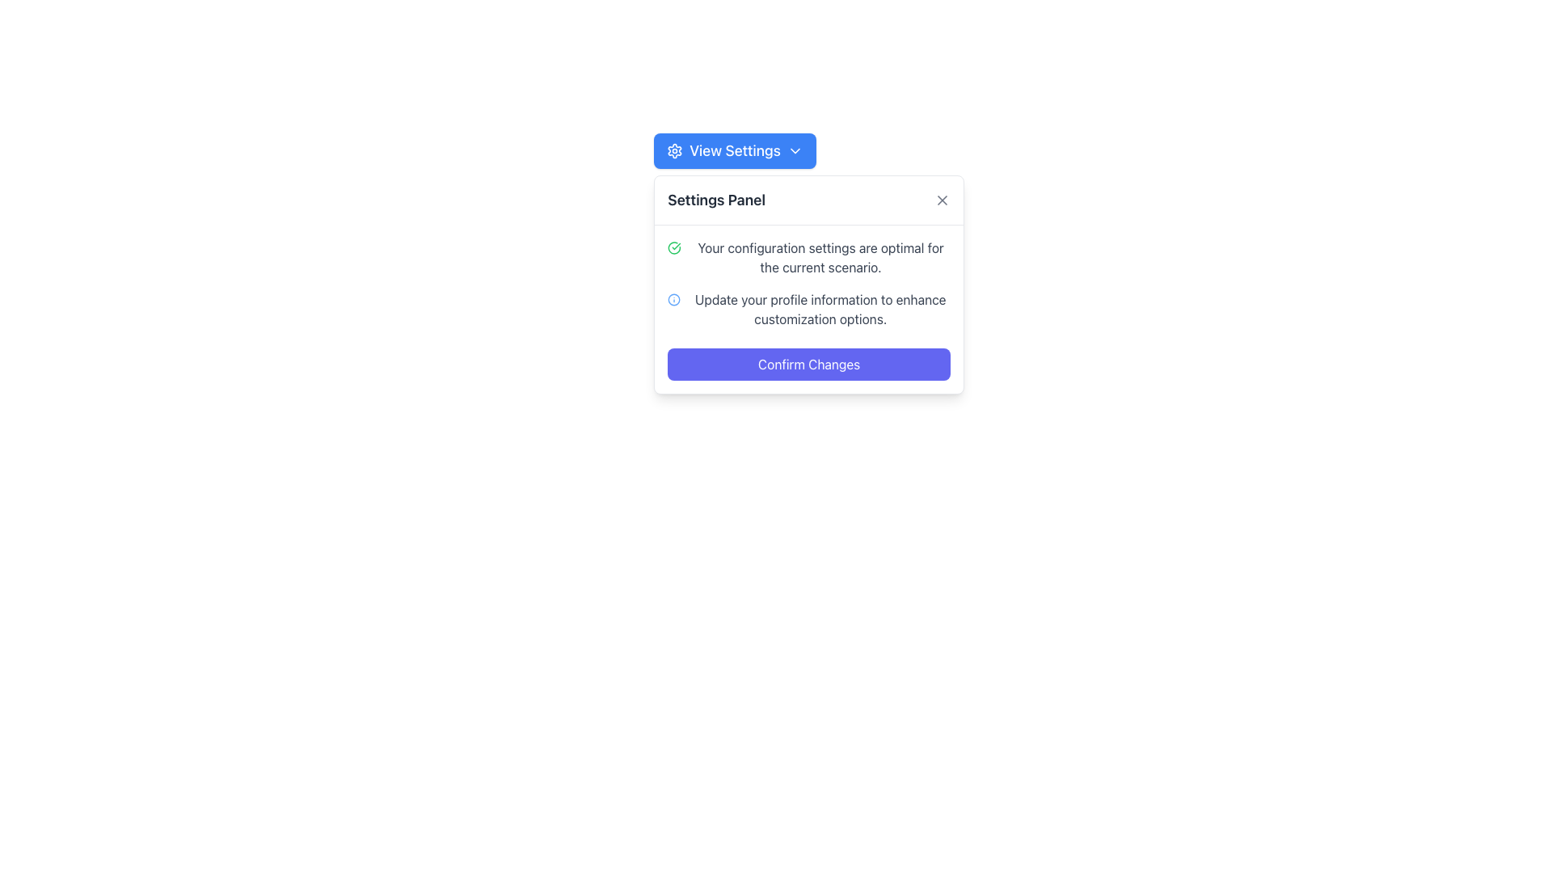 This screenshot has width=1552, height=873. Describe the element at coordinates (674, 299) in the screenshot. I see `the decorative circular element located in the bottom-left area of the 'info' icon graphic, which signifies available information or guidance` at that location.